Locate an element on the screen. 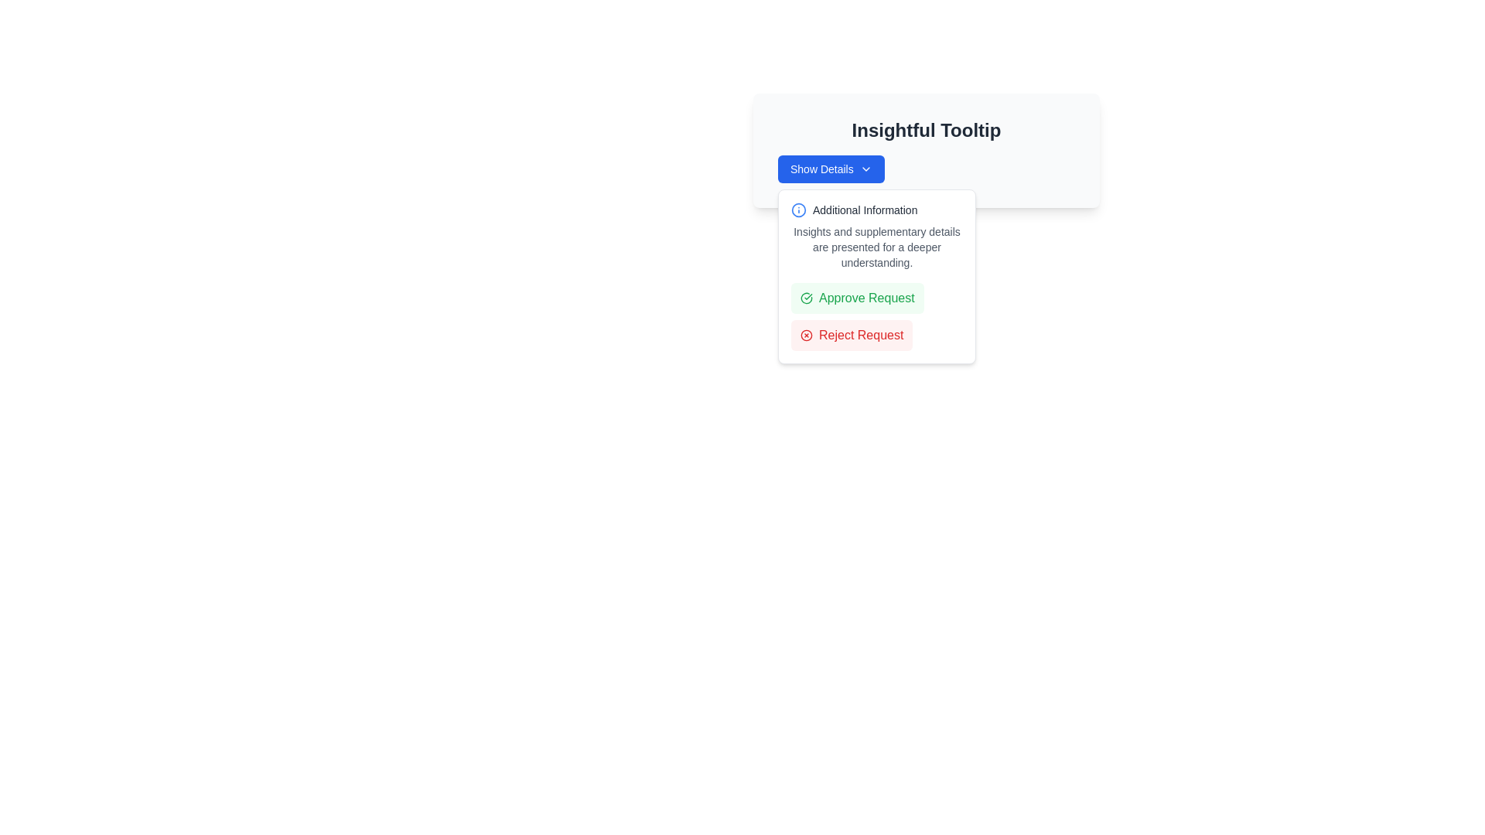  the icon of the text display that serves as a header for the content section, which is located in the top-left section above the supplementary details is located at coordinates (876, 210).